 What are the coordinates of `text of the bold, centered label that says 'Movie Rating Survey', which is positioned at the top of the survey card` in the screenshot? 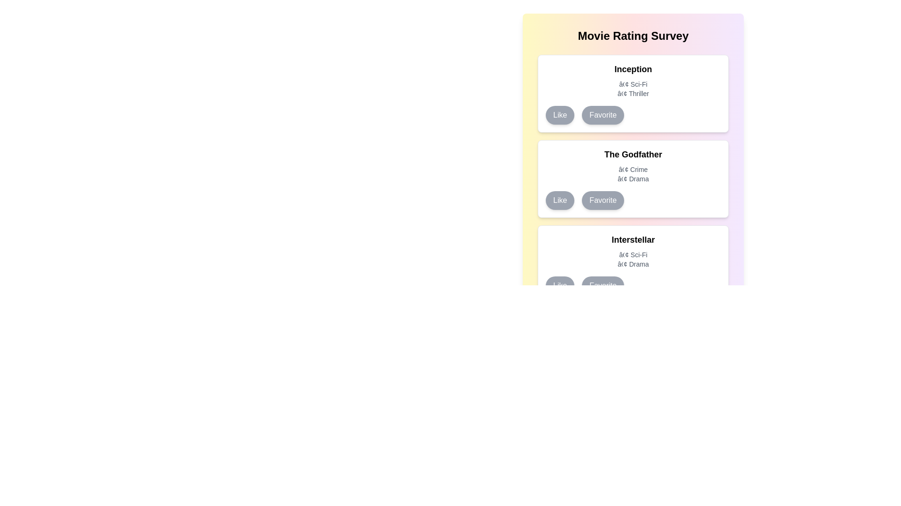 It's located at (633, 36).